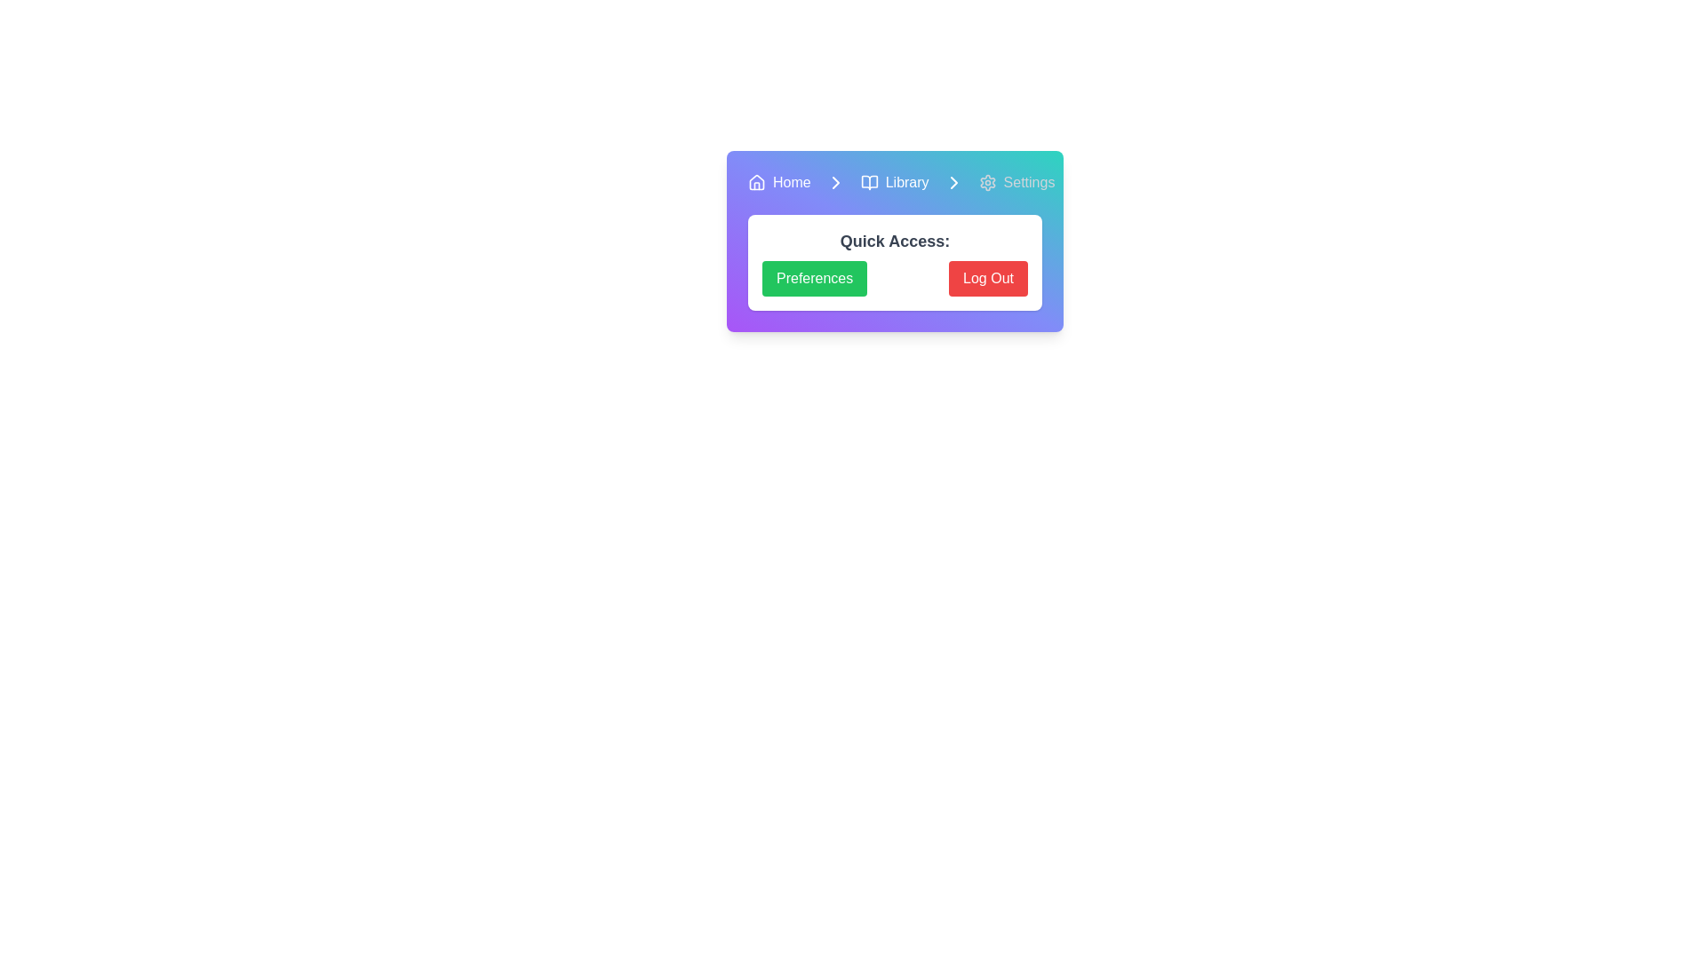  What do you see at coordinates (986, 182) in the screenshot?
I see `the gear icon located in the navigation bar` at bounding box center [986, 182].